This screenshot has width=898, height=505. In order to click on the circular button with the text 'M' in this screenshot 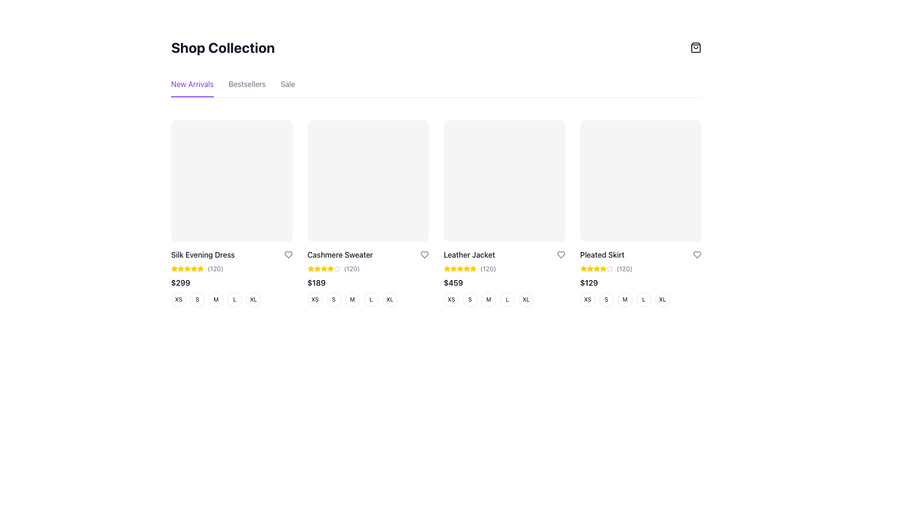, I will do `click(215, 299)`.